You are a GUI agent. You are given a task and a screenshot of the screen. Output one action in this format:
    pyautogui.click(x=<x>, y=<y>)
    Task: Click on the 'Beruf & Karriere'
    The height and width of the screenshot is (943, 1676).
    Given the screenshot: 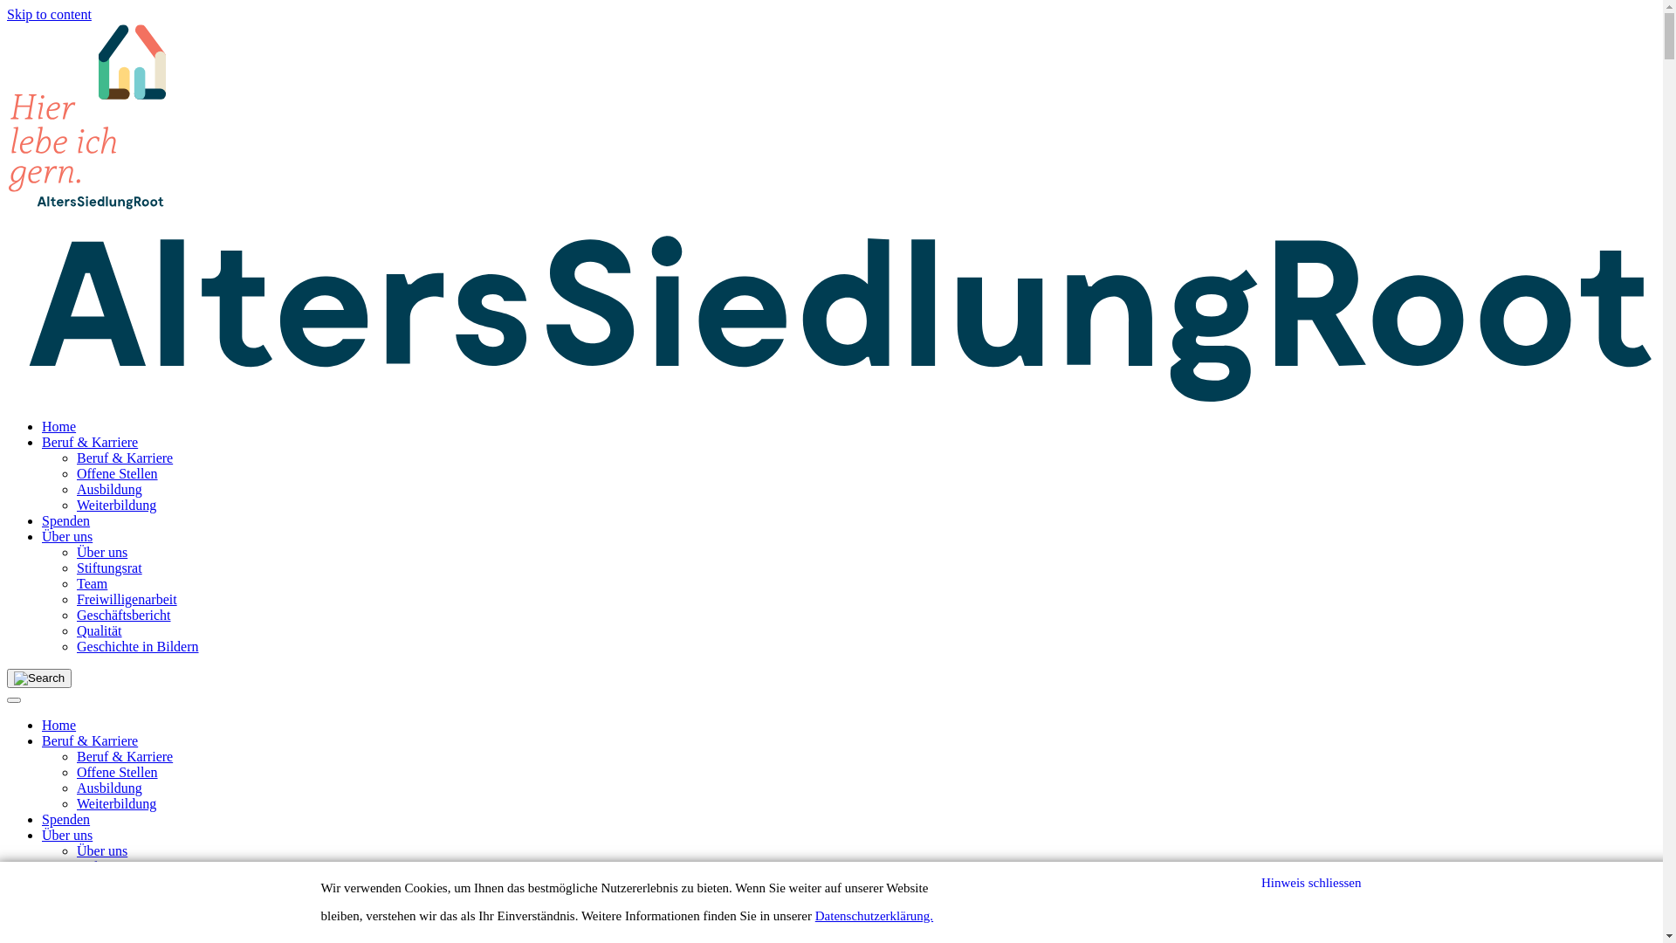 What is the action you would take?
    pyautogui.click(x=124, y=755)
    